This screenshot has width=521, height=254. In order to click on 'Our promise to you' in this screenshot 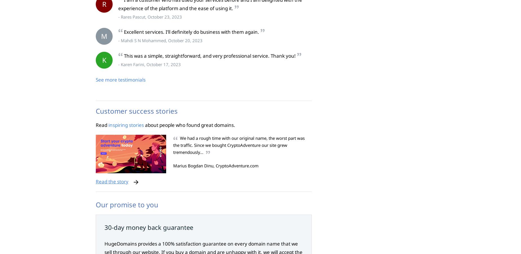, I will do `click(127, 204)`.